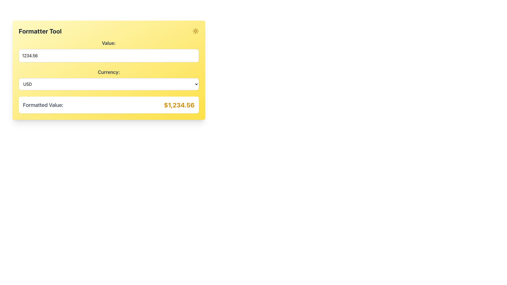 The height and width of the screenshot is (285, 507). Describe the element at coordinates (109, 43) in the screenshot. I see `the static text label that describes the purpose of the input field, which is positioned above the numerical input field in the yellow background section` at that location.